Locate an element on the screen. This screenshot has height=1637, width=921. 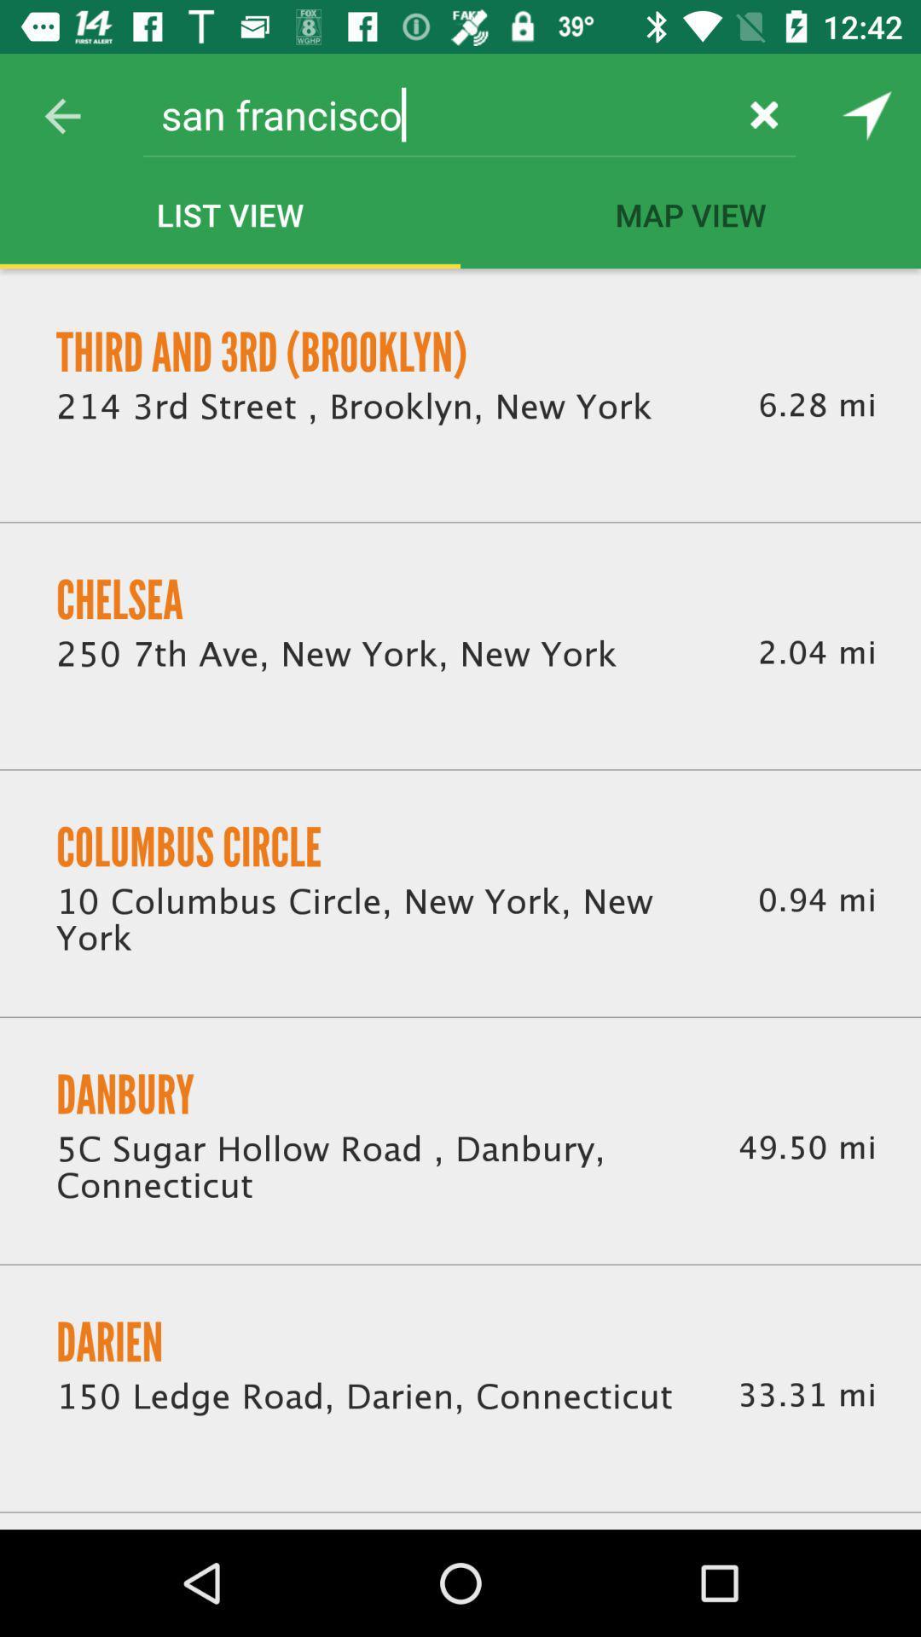
icon below danbury is located at coordinates (375, 1169).